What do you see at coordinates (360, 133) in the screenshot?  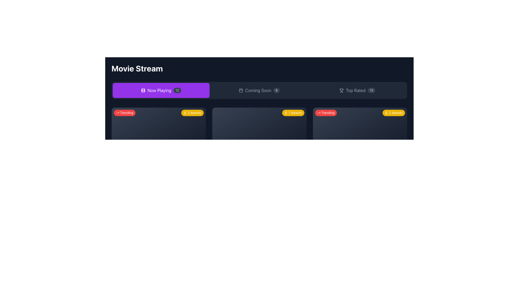 I see `the movie card component displaying details about a trending movie with 2 awards, located in the fourth panel below the navigation bar` at bounding box center [360, 133].